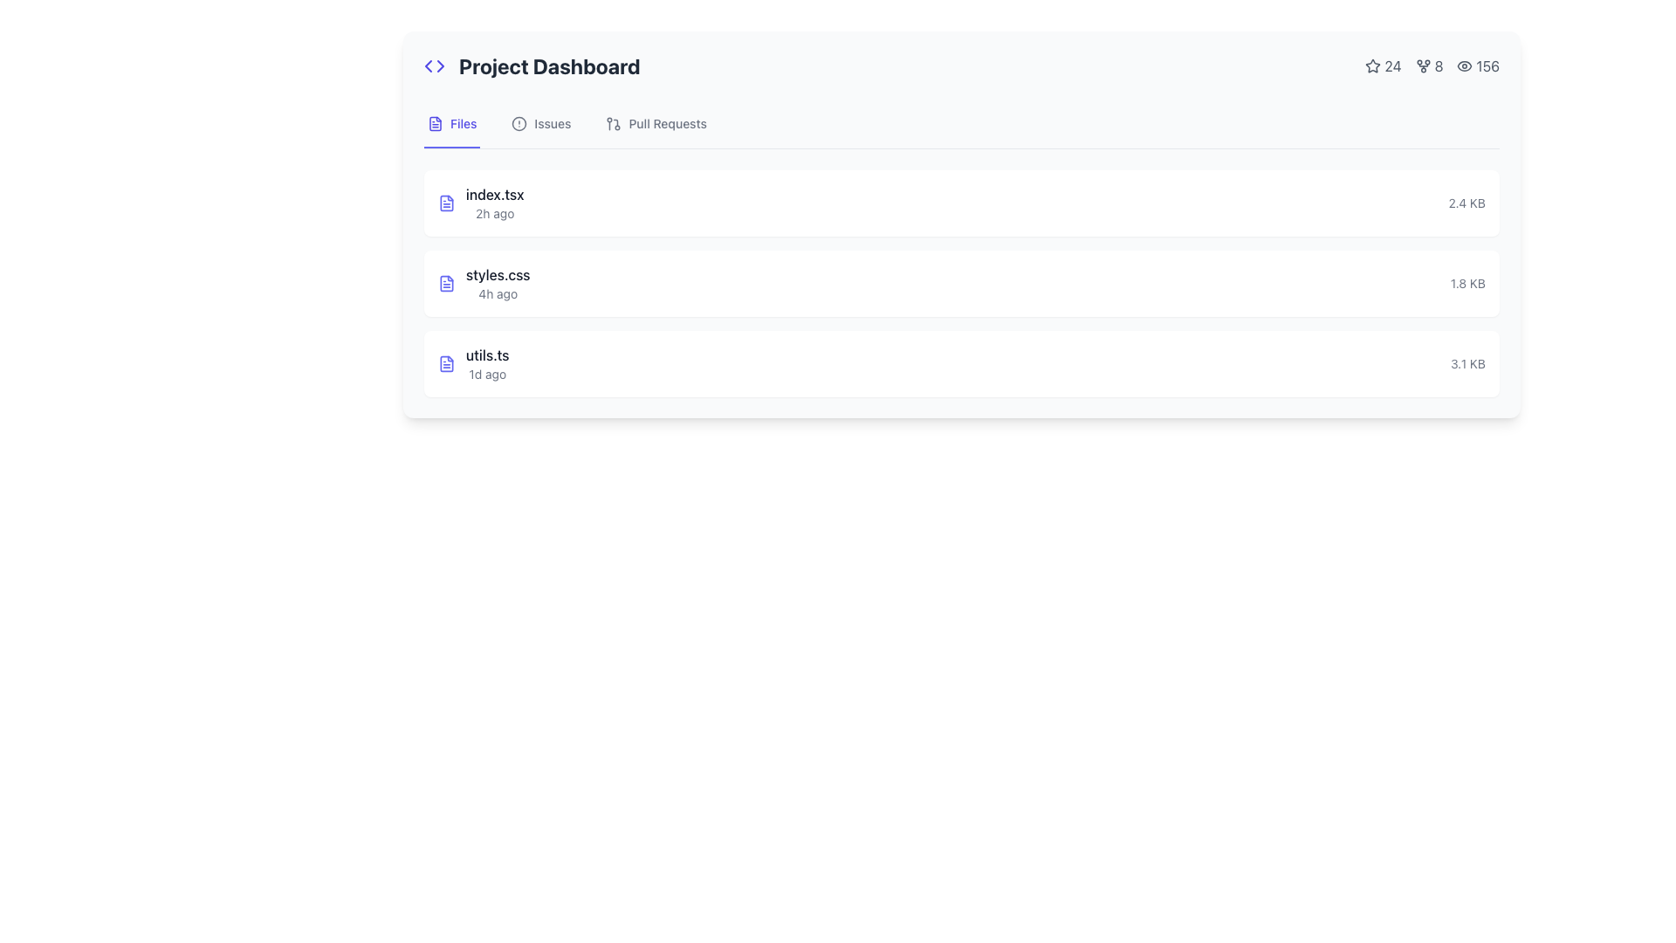 The image size is (1676, 943). Describe the element at coordinates (440, 65) in the screenshot. I see `the arrow SVG element located at the top-left corner of the dashboard, which serves as a visual indicator for navigation` at that location.